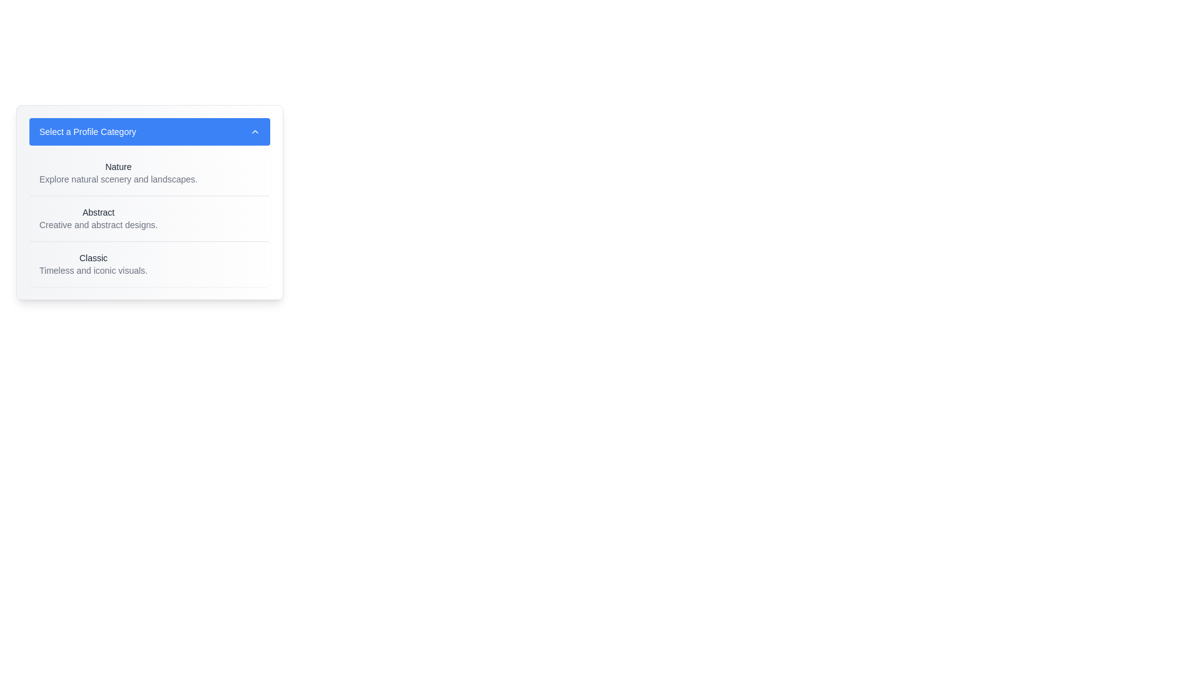 This screenshot has height=675, width=1201. I want to click on the 'Nature' text block element, so click(118, 173).